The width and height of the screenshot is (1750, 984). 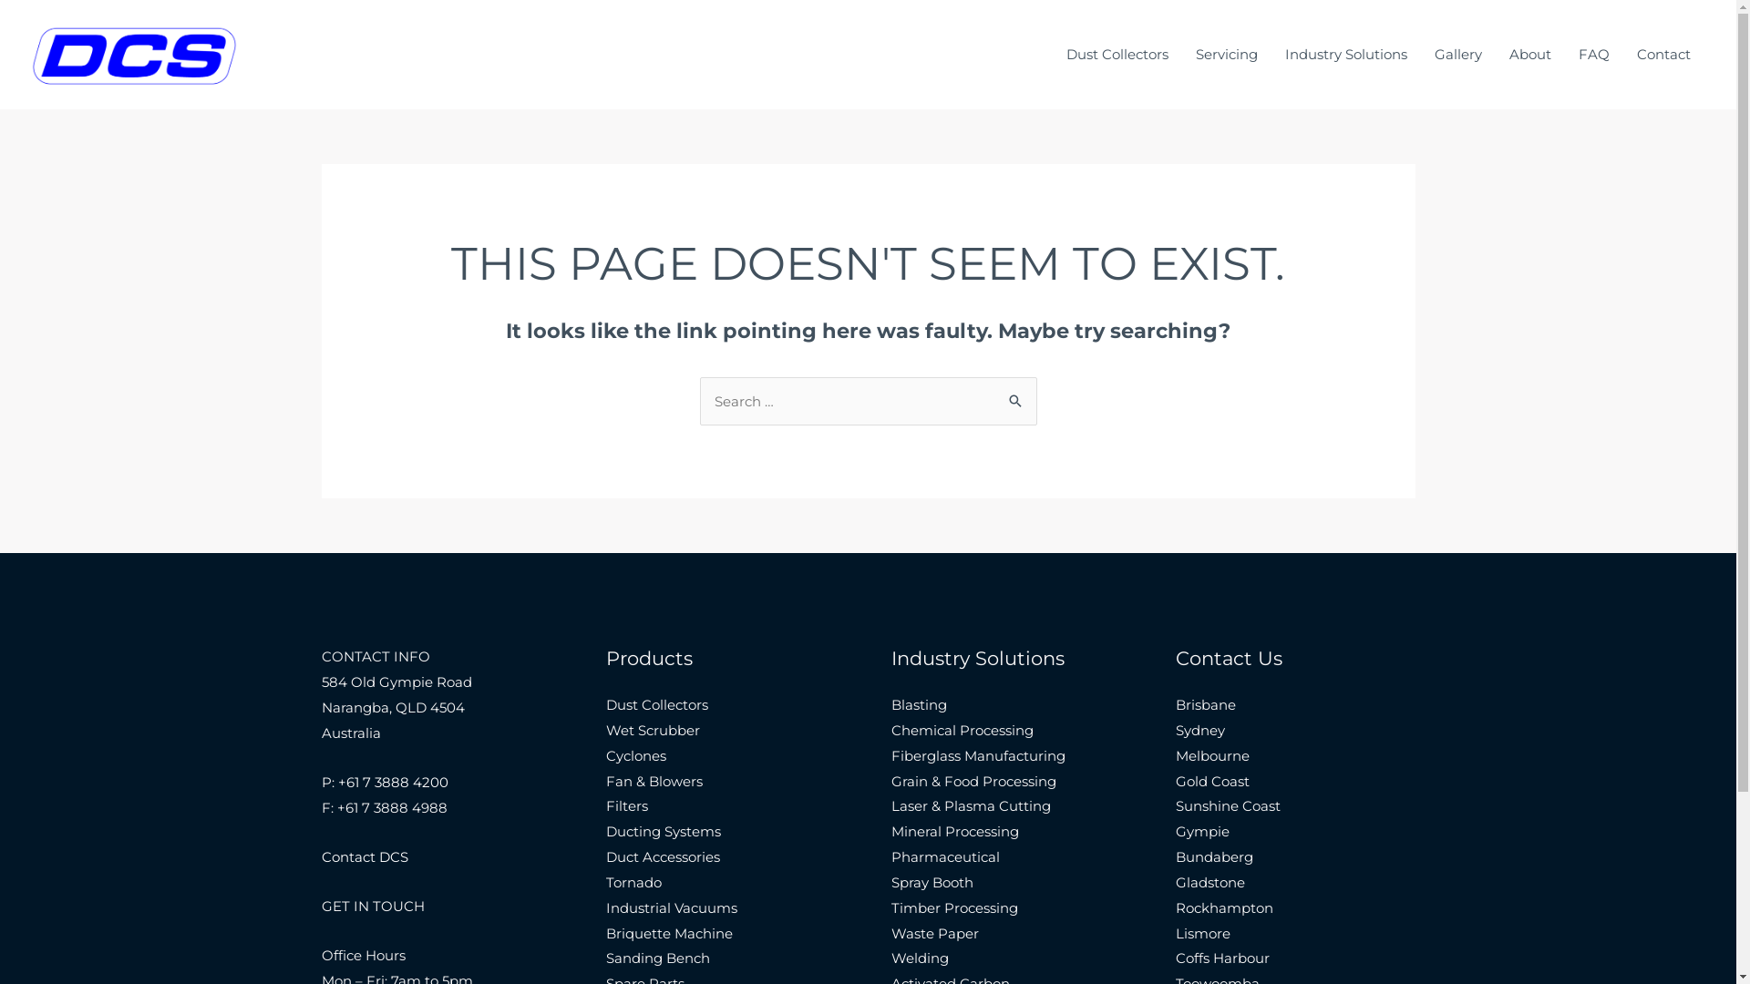 What do you see at coordinates (1663, 54) in the screenshot?
I see `'Contact'` at bounding box center [1663, 54].